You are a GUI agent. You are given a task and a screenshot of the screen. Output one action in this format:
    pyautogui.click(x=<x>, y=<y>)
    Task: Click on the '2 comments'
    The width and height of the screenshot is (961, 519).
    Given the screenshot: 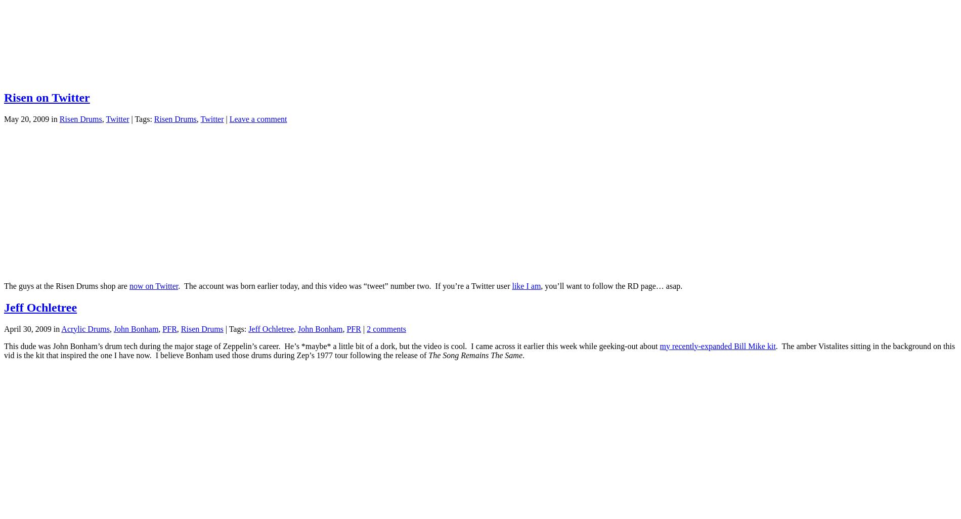 What is the action you would take?
    pyautogui.click(x=385, y=328)
    